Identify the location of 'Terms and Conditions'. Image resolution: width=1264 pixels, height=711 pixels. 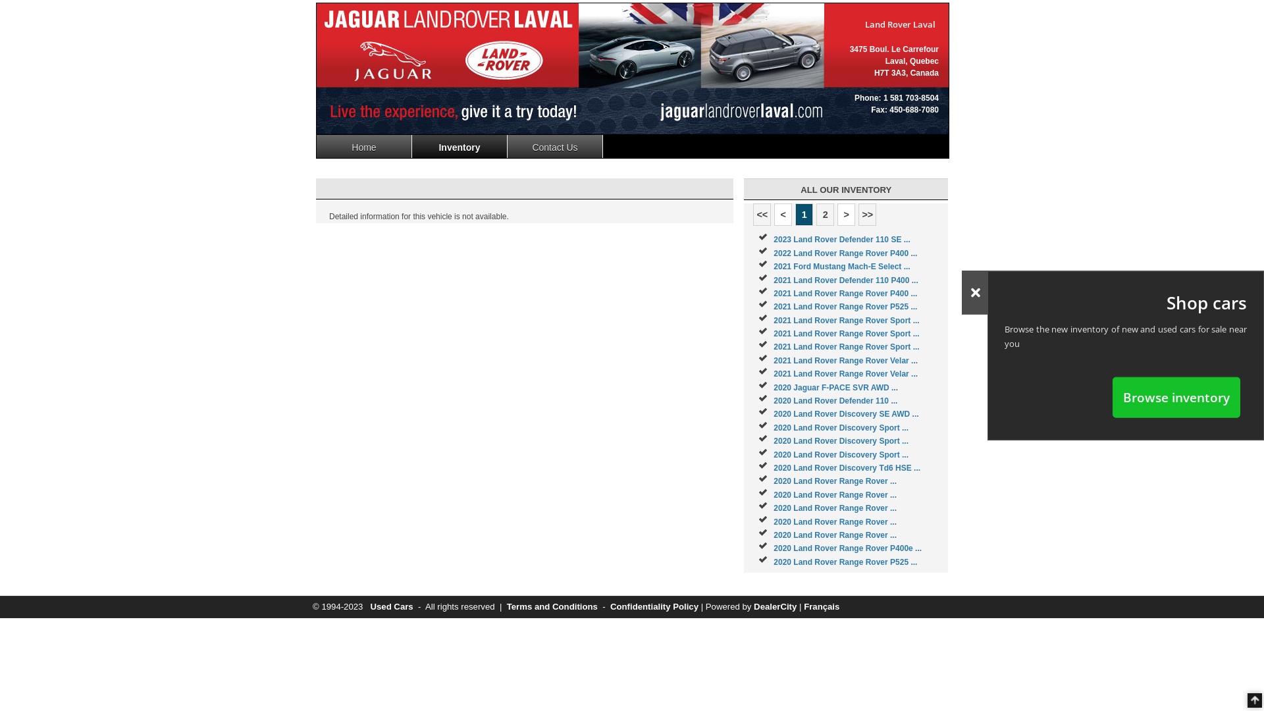
(552, 606).